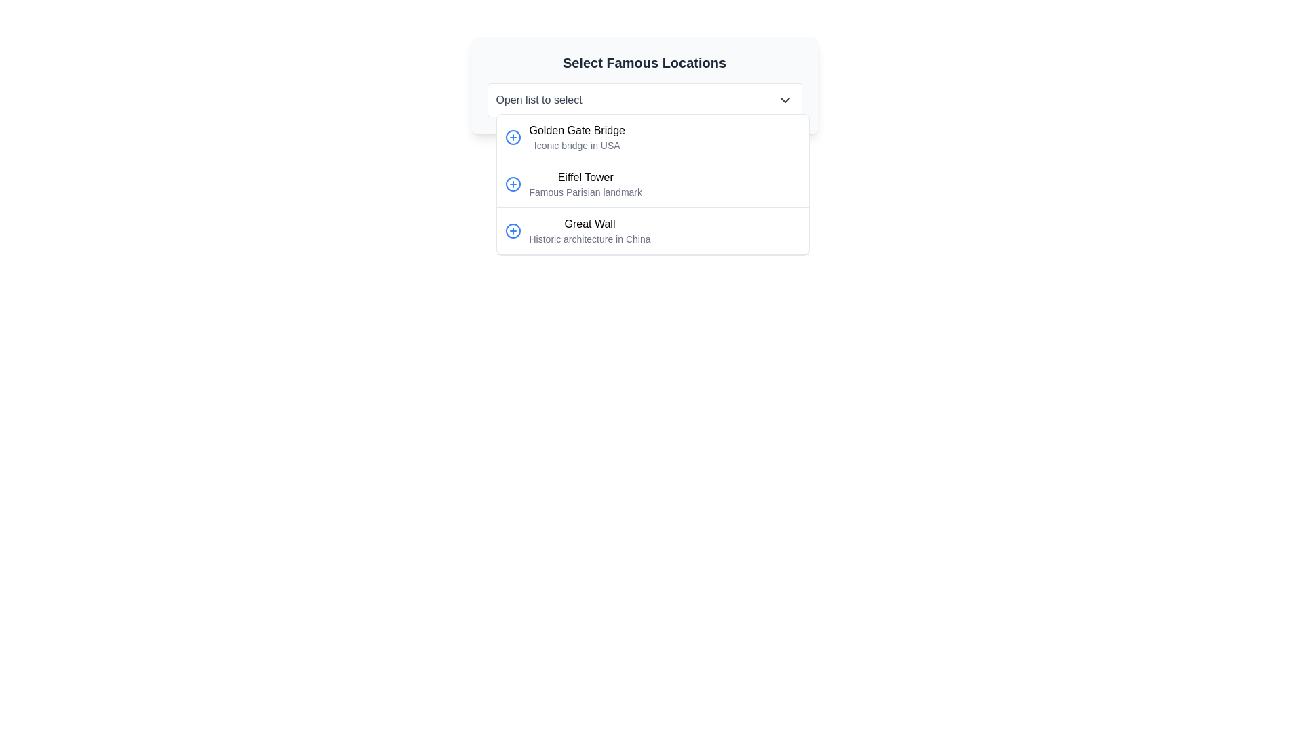  What do you see at coordinates (585, 177) in the screenshot?
I see `text label 'Eiffel Tower' which is the second item in the dropdown menu of famous landmarks` at bounding box center [585, 177].